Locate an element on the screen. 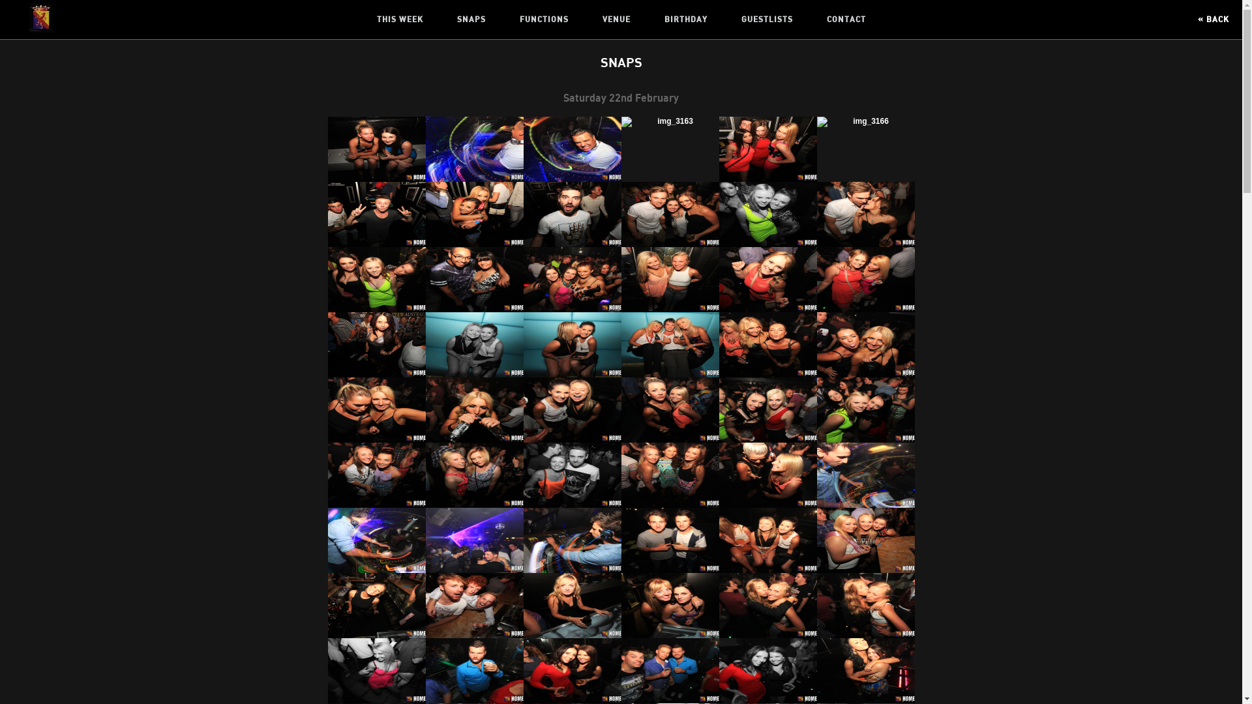 The image size is (1252, 704). ' ' is located at coordinates (619, 606).